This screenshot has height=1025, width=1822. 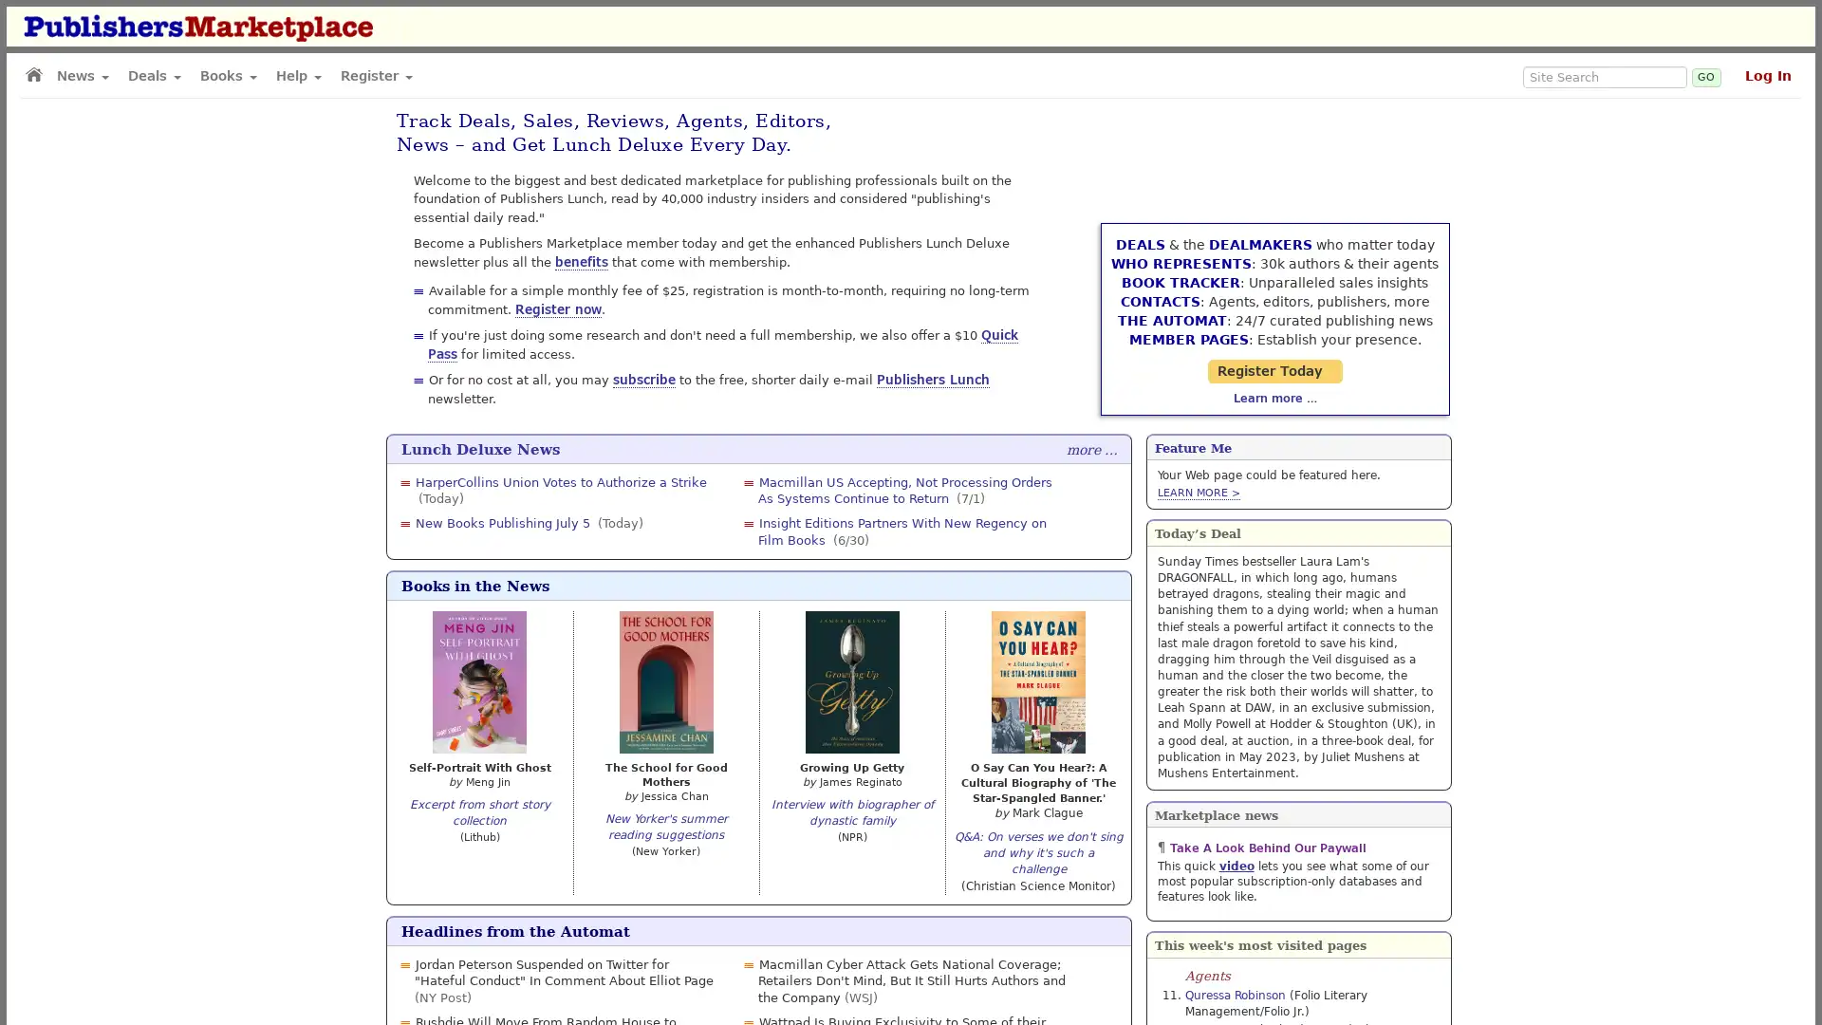 I want to click on GO, so click(x=1706, y=76).